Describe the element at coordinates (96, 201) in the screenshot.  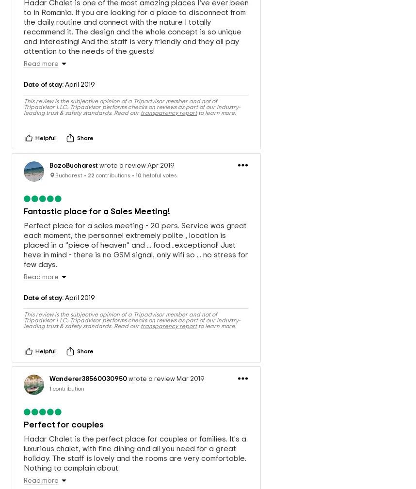
I see `'Fantastic place for a Sales Meeting!'` at that location.